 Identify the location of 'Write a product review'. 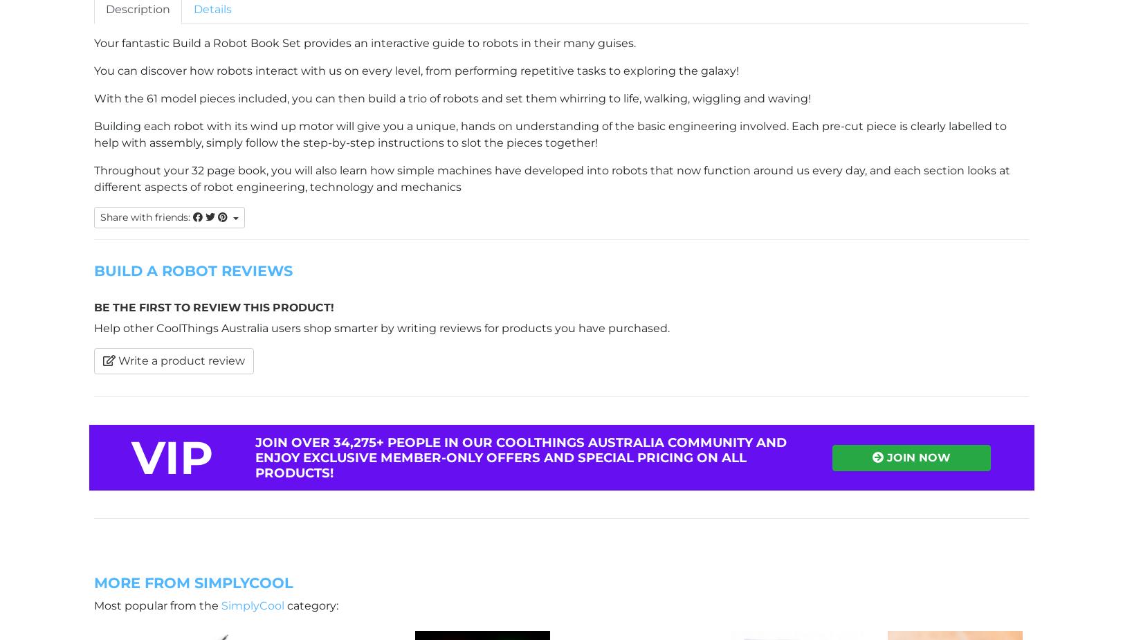
(116, 360).